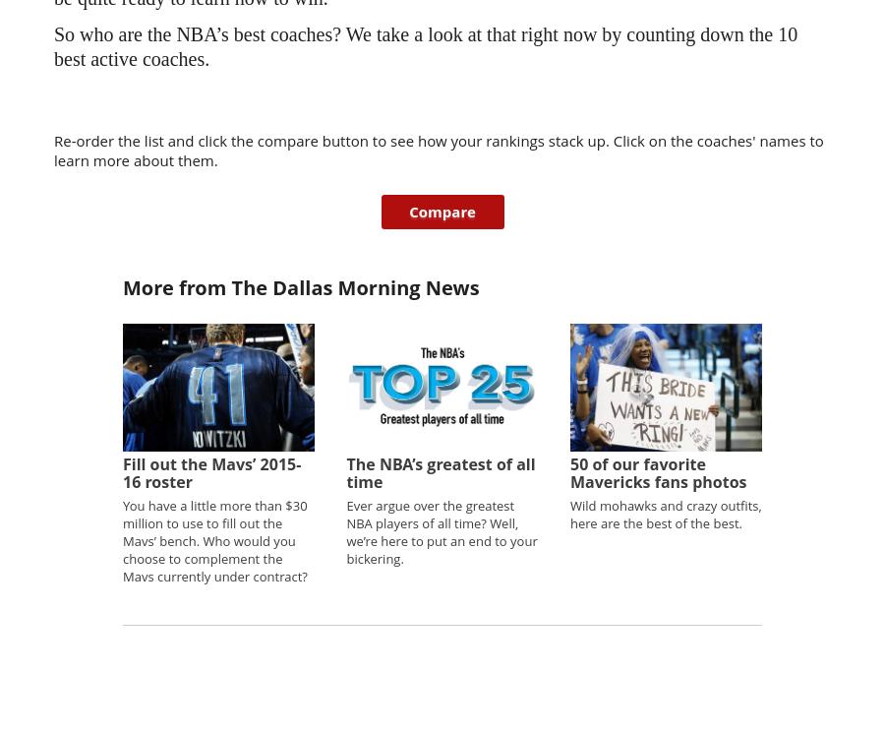  Describe the element at coordinates (569, 472) in the screenshot. I see `'50 of our favorite Mavericks fans photos'` at that location.